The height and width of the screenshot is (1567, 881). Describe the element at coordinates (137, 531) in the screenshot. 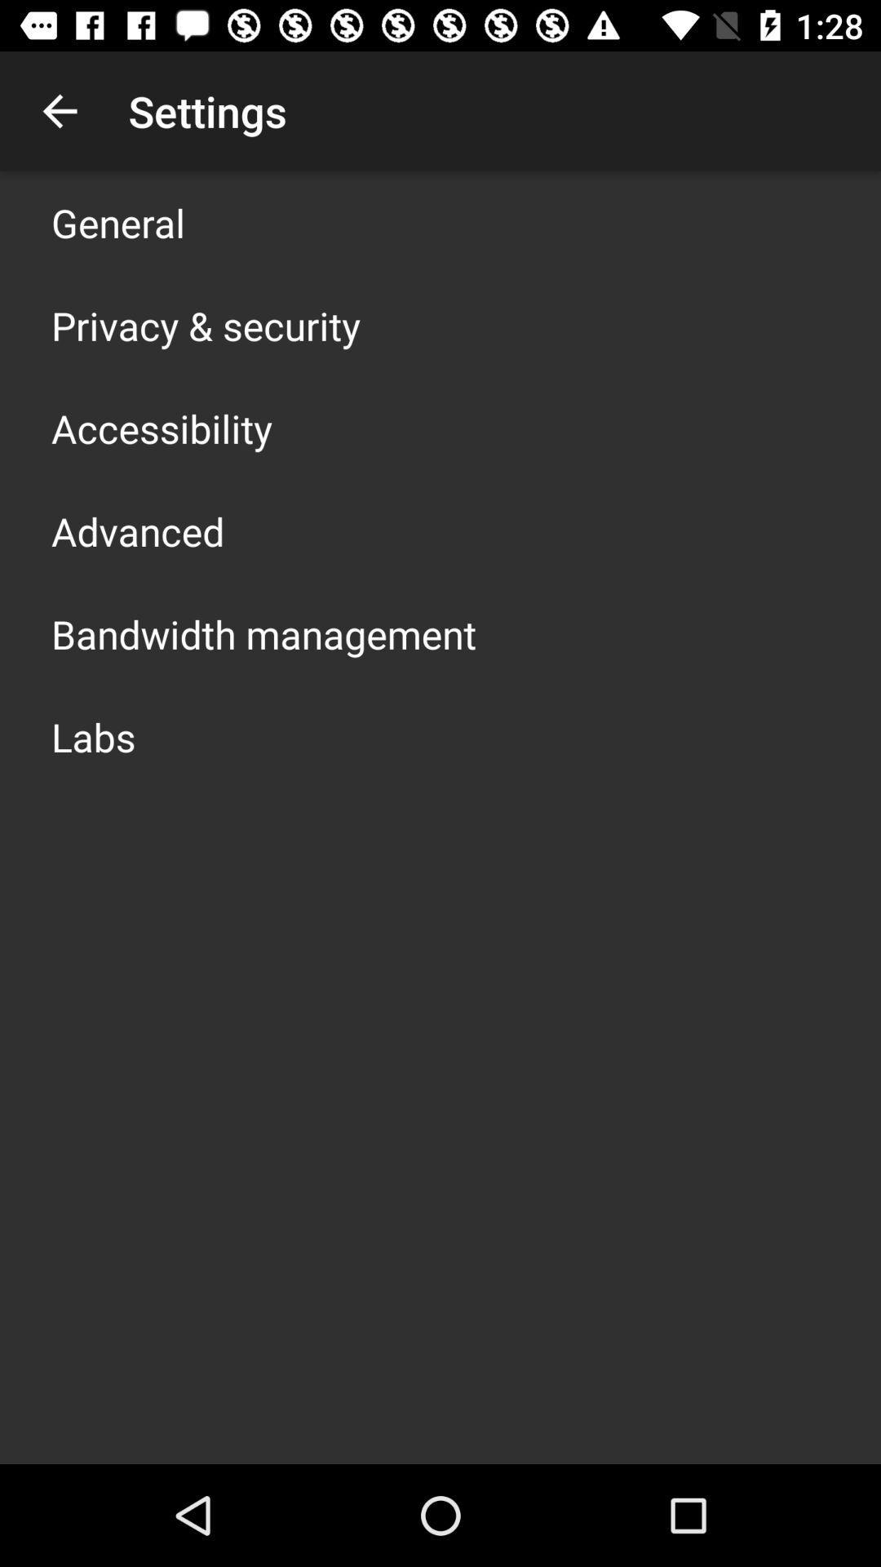

I see `the app below accessibility icon` at that location.